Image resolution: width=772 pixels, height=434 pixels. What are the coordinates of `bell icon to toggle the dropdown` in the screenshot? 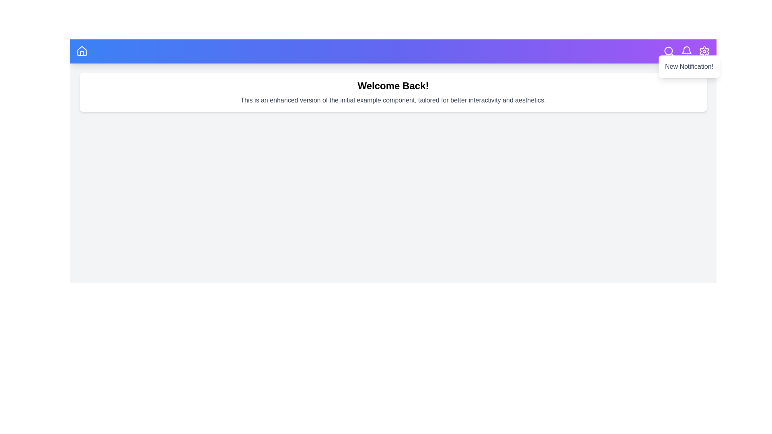 It's located at (686, 51).